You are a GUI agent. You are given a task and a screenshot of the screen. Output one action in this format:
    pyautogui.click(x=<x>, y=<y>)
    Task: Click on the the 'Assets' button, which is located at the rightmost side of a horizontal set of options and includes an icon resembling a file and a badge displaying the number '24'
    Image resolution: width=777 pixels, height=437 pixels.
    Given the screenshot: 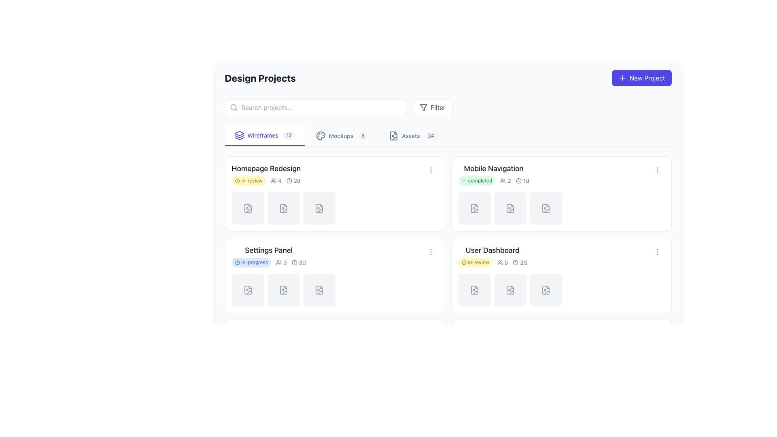 What is the action you would take?
    pyautogui.click(x=413, y=135)
    